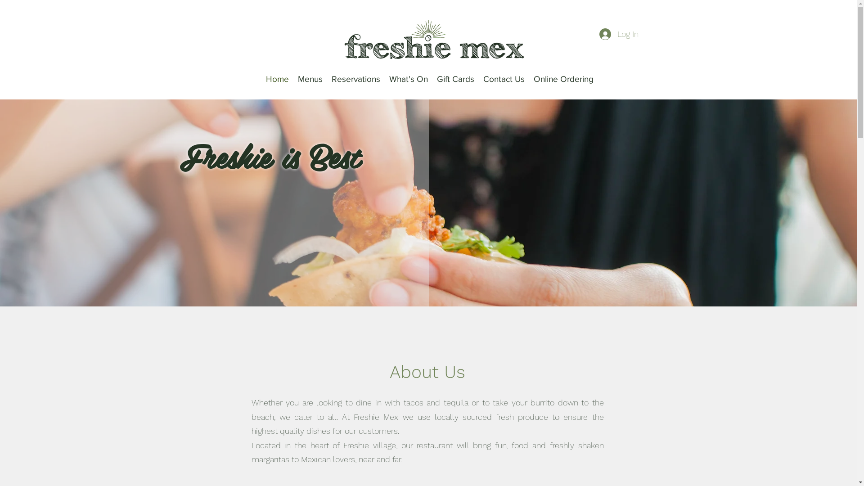  I want to click on 'Home', so click(277, 79).